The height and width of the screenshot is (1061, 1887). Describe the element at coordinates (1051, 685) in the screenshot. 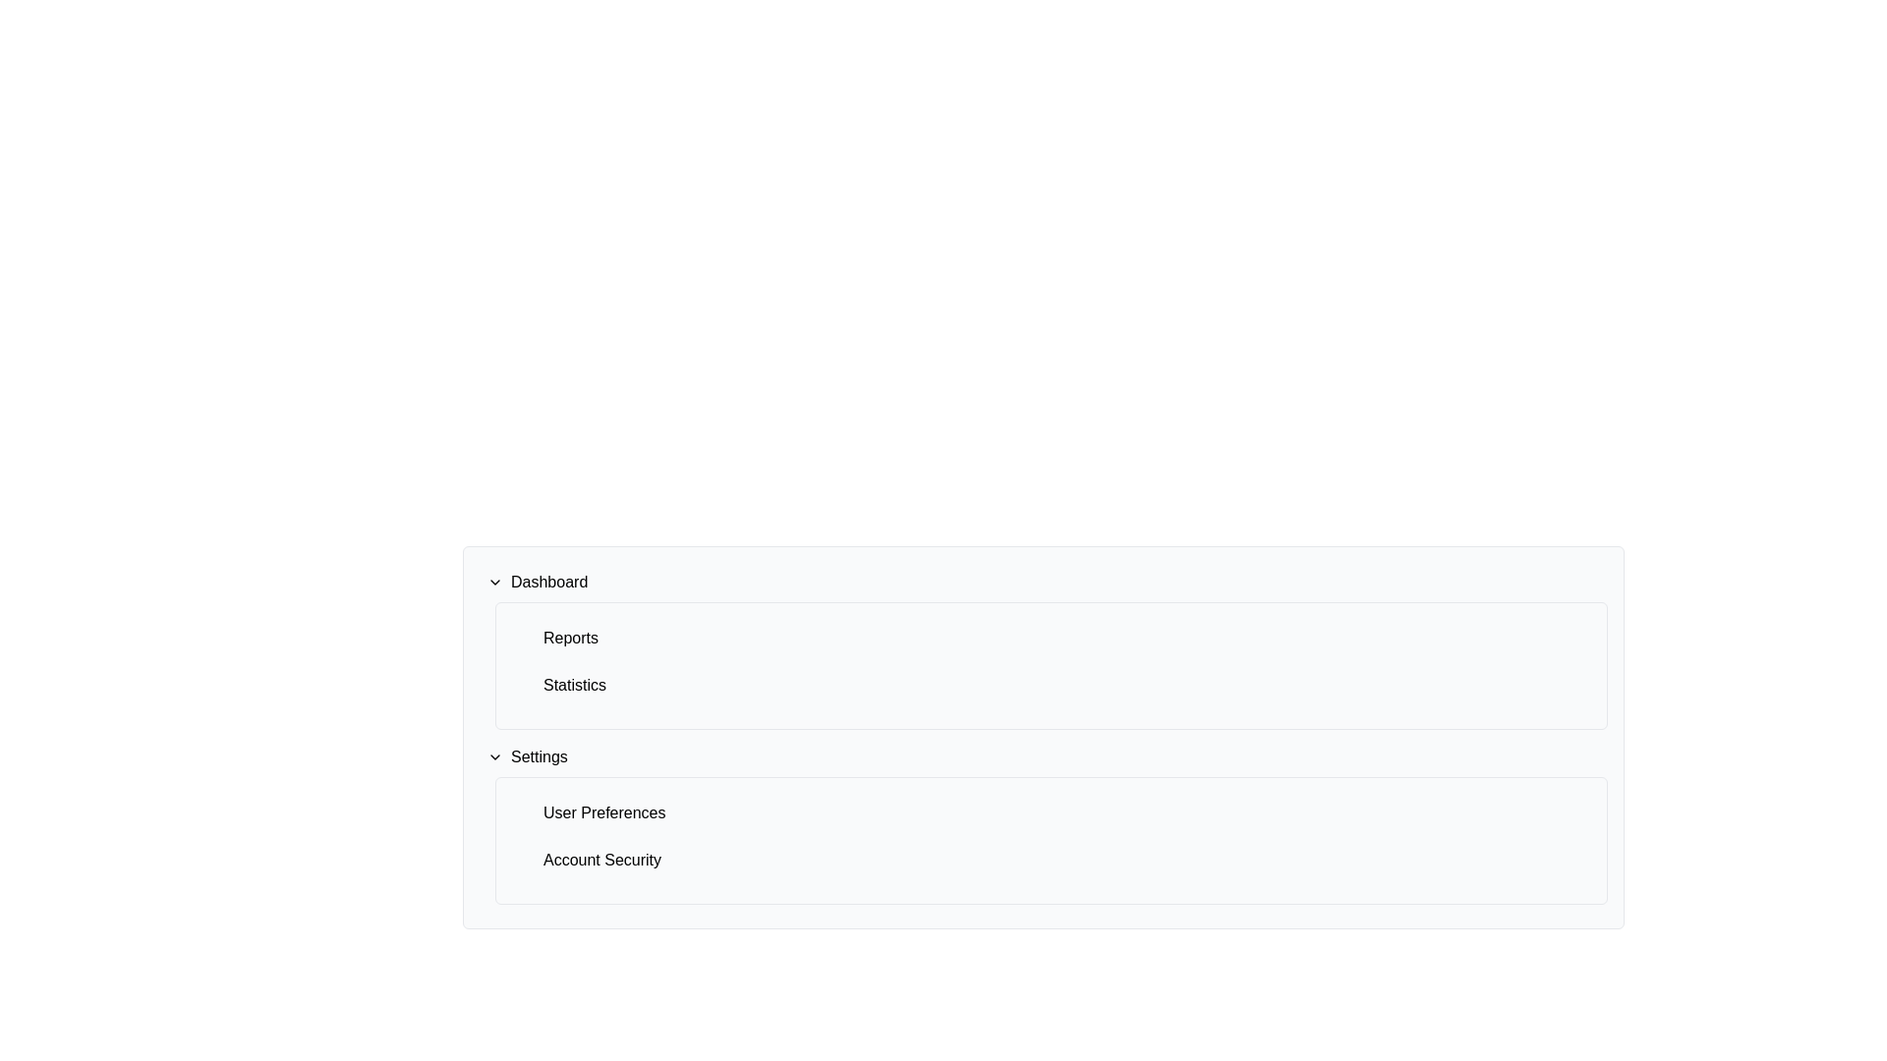

I see `the 'Statistics' clickable list item located in the second position under the 'Dashboard' section` at that location.